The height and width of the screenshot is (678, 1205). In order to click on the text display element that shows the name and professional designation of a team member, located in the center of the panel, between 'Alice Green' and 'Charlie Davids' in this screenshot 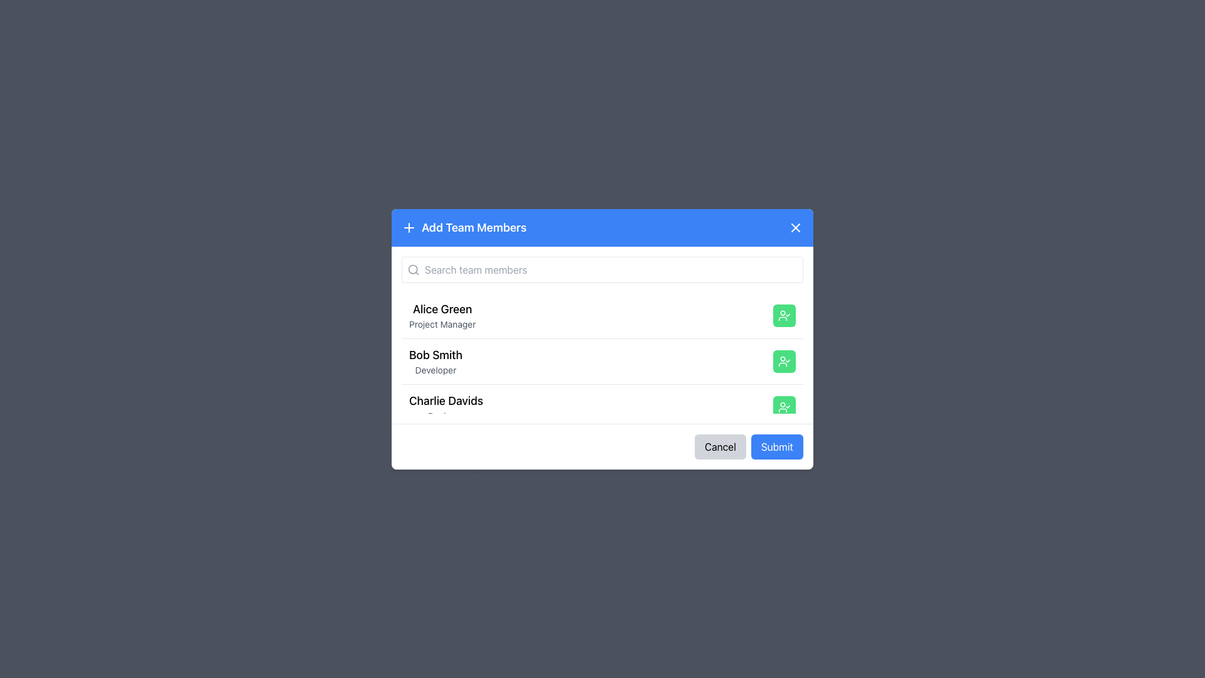, I will do `click(436, 361)`.